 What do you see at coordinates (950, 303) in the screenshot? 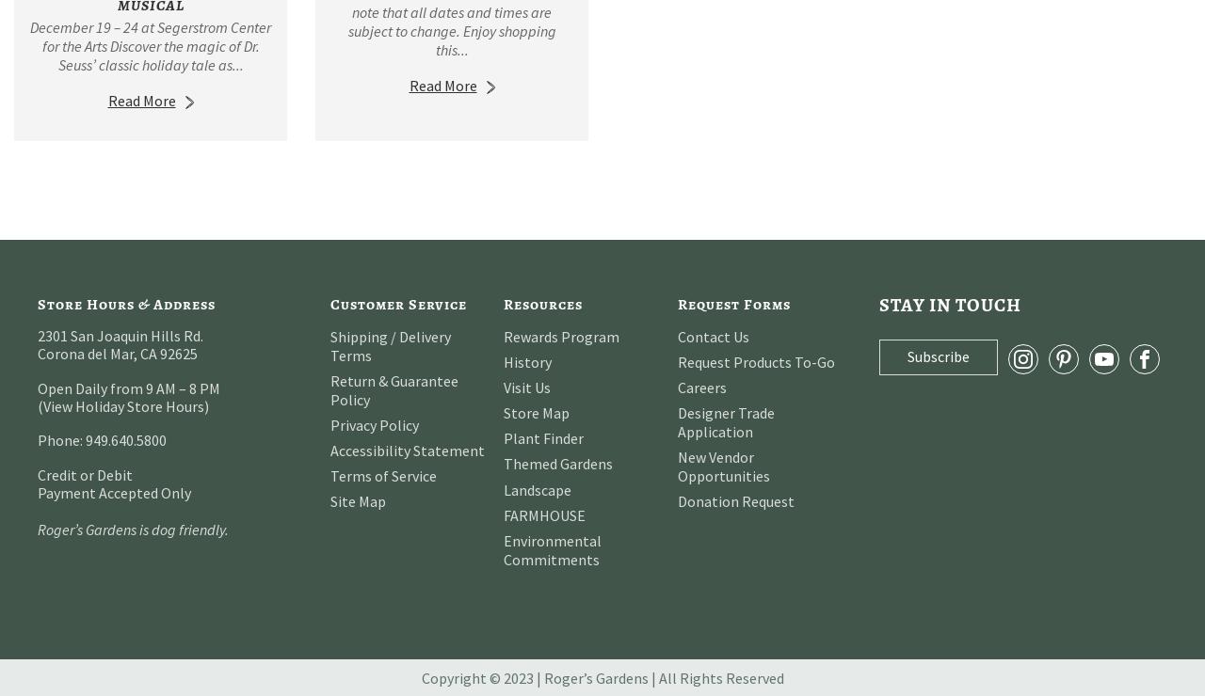
I see `'Stay in Touch'` at bounding box center [950, 303].